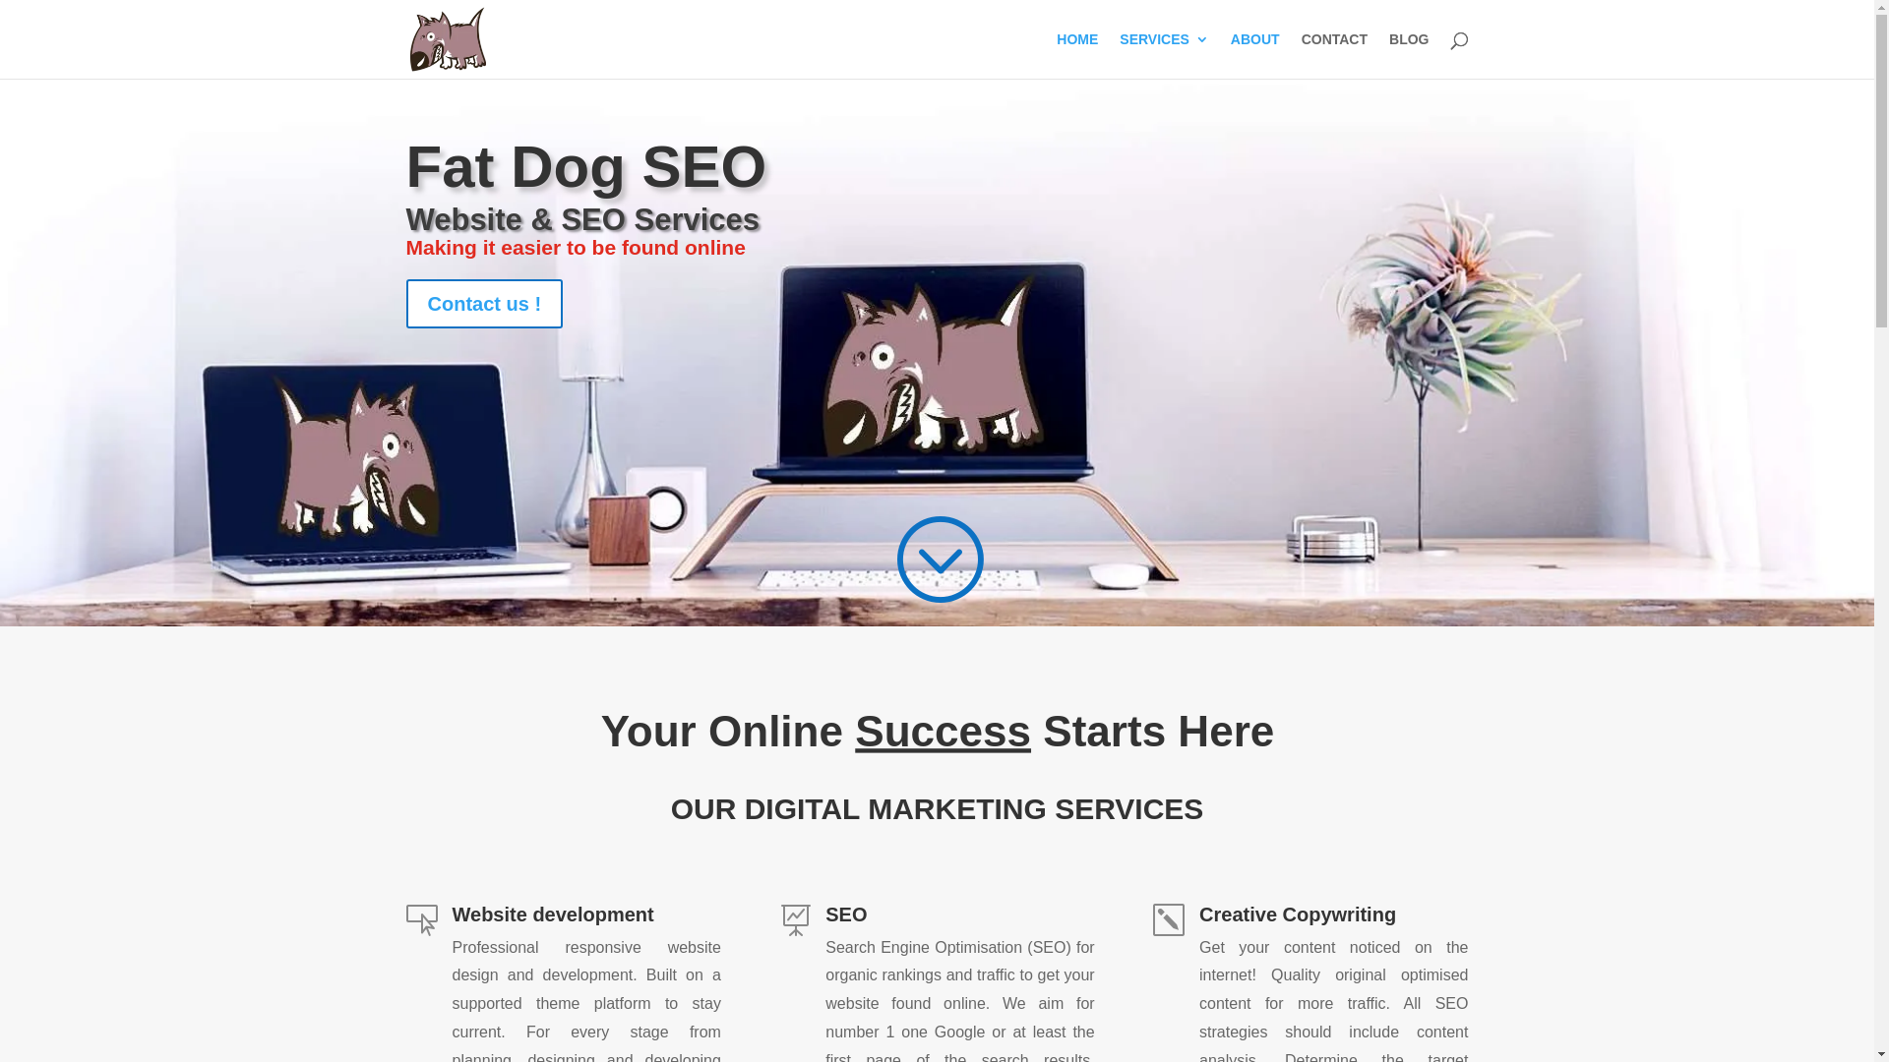 The width and height of the screenshot is (1889, 1062). Describe the element at coordinates (937, 558) in the screenshot. I see `';'` at that location.